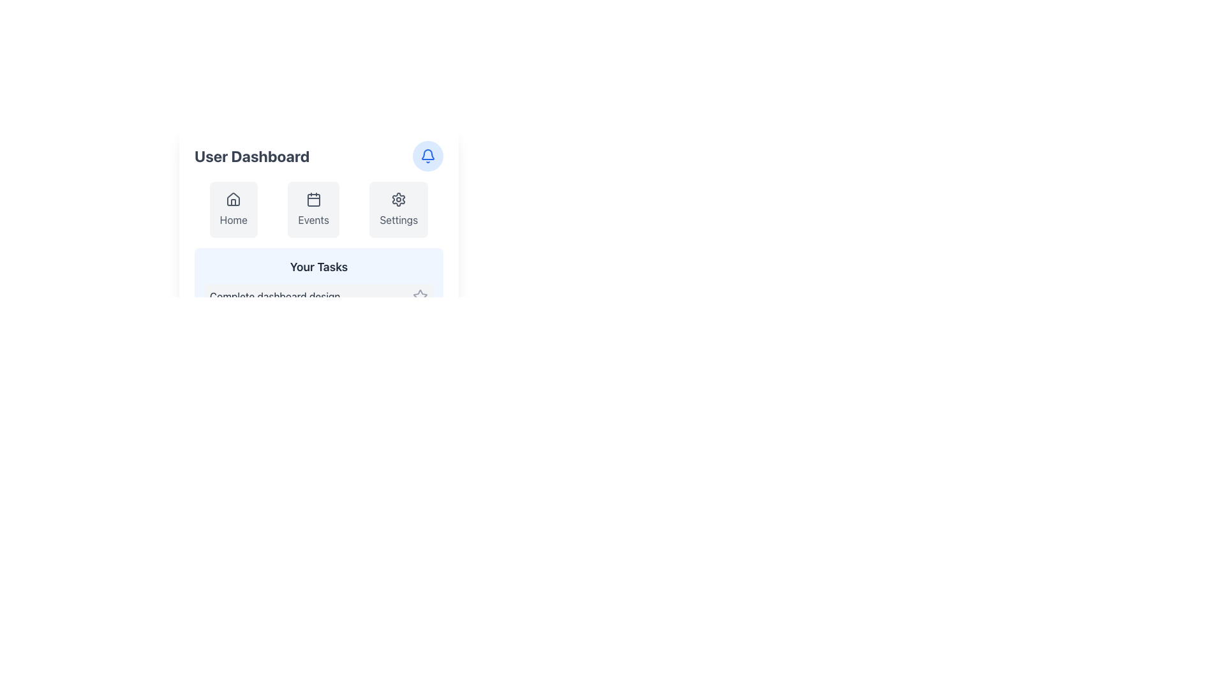 The image size is (1225, 689). Describe the element at coordinates (318, 283) in the screenshot. I see `title and content of the Informational Card displaying the task 'Complete dashboard design' located at the bottom of the 'User Dashboard'` at that location.